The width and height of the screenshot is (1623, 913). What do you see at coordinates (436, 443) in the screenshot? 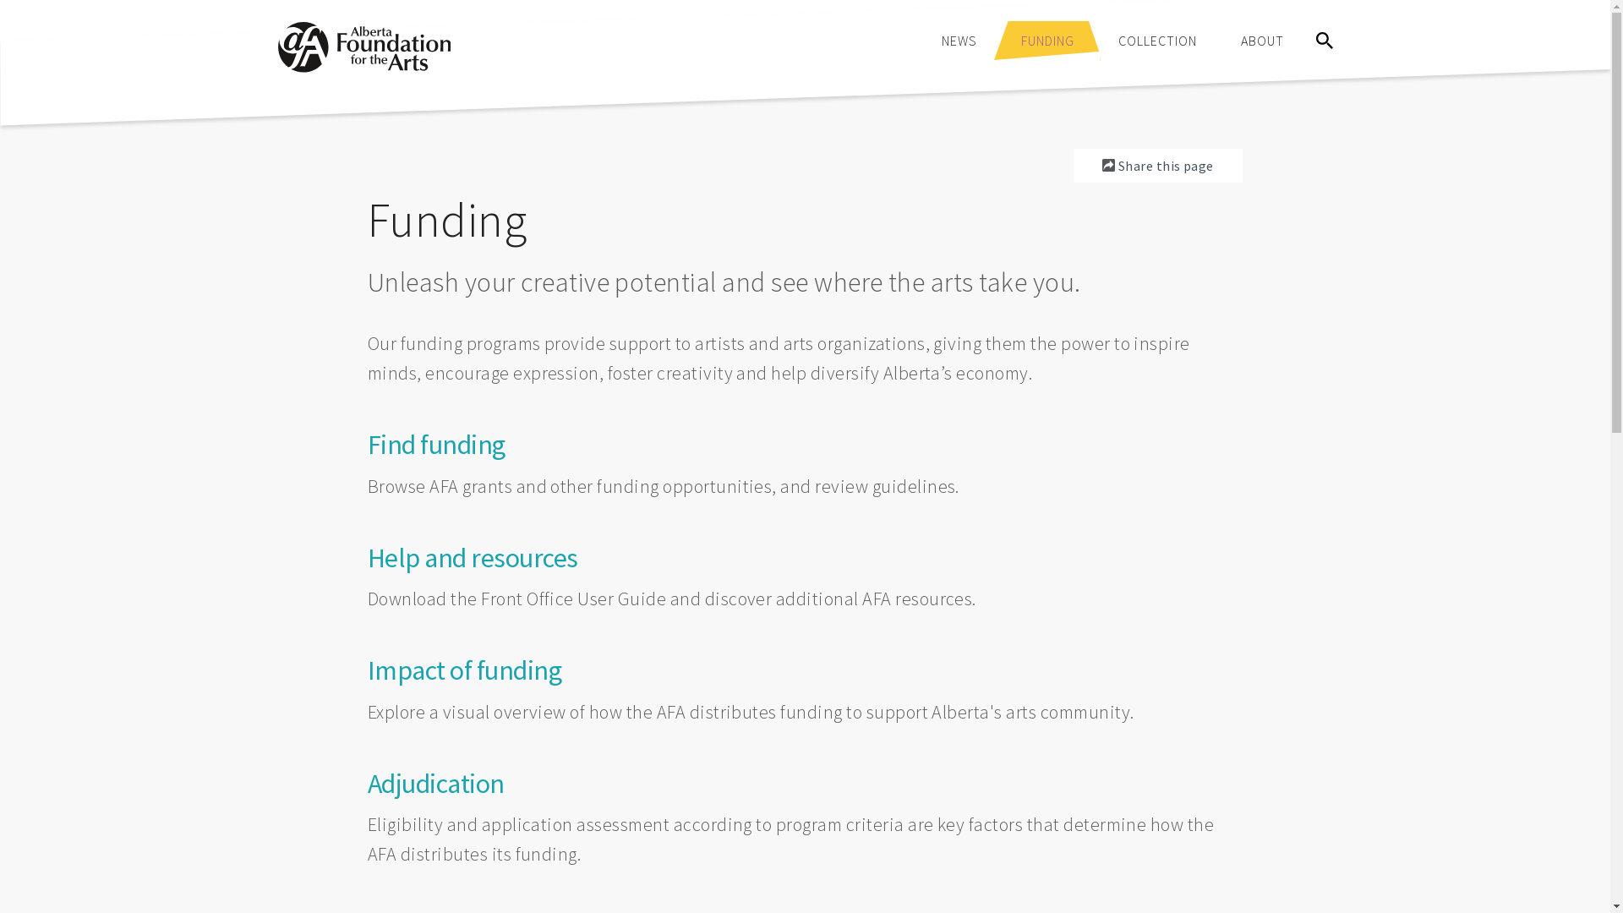
I see `'Find funding'` at bounding box center [436, 443].